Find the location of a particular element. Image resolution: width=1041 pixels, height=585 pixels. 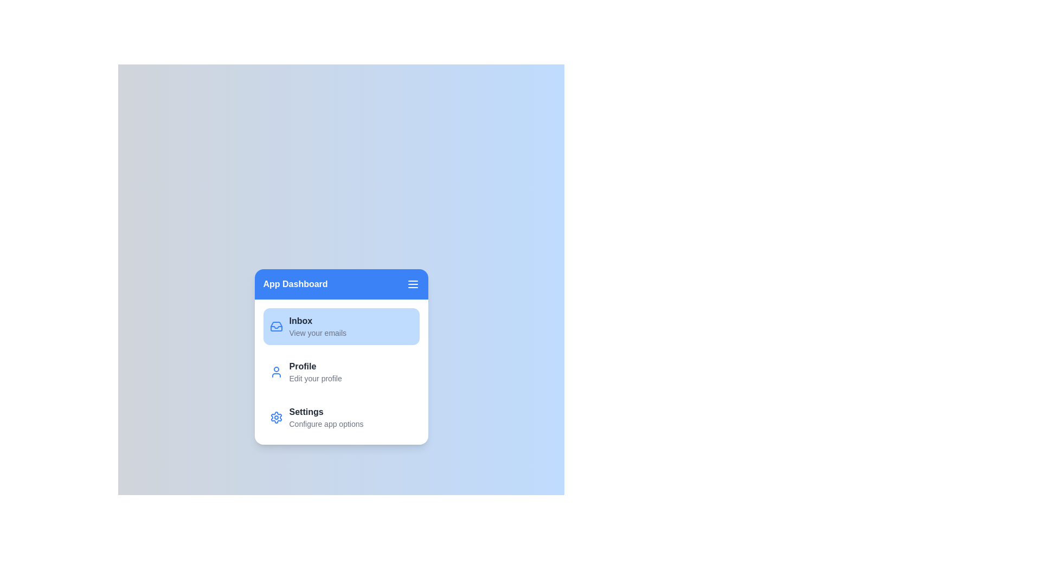

the section Inbox from the sidebar menu is located at coordinates (340, 326).